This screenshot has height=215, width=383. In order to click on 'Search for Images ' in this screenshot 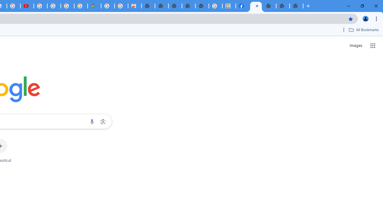, I will do `click(356, 45)`.